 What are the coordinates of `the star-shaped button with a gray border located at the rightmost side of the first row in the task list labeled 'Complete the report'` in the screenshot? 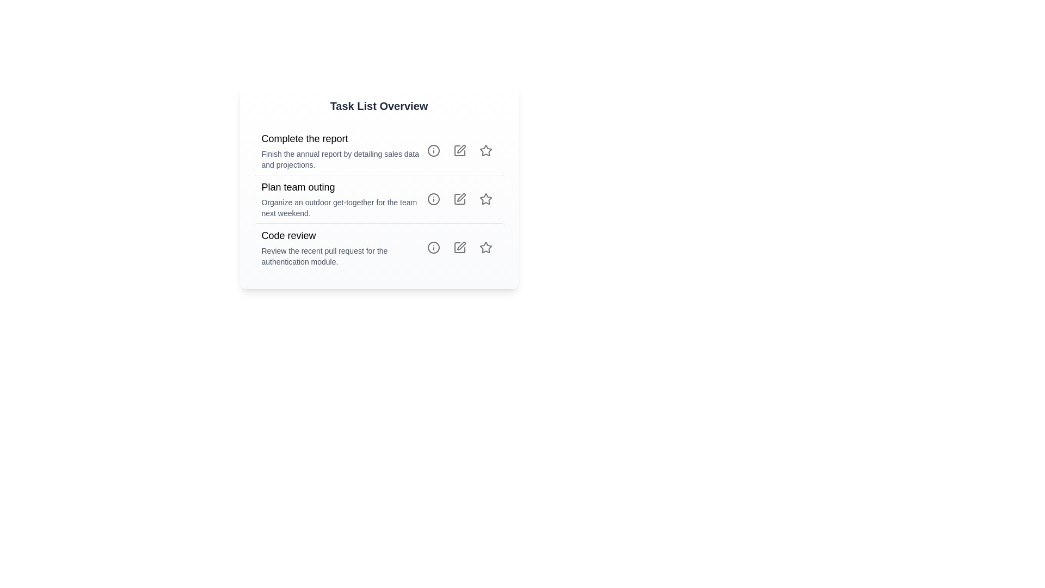 It's located at (485, 151).